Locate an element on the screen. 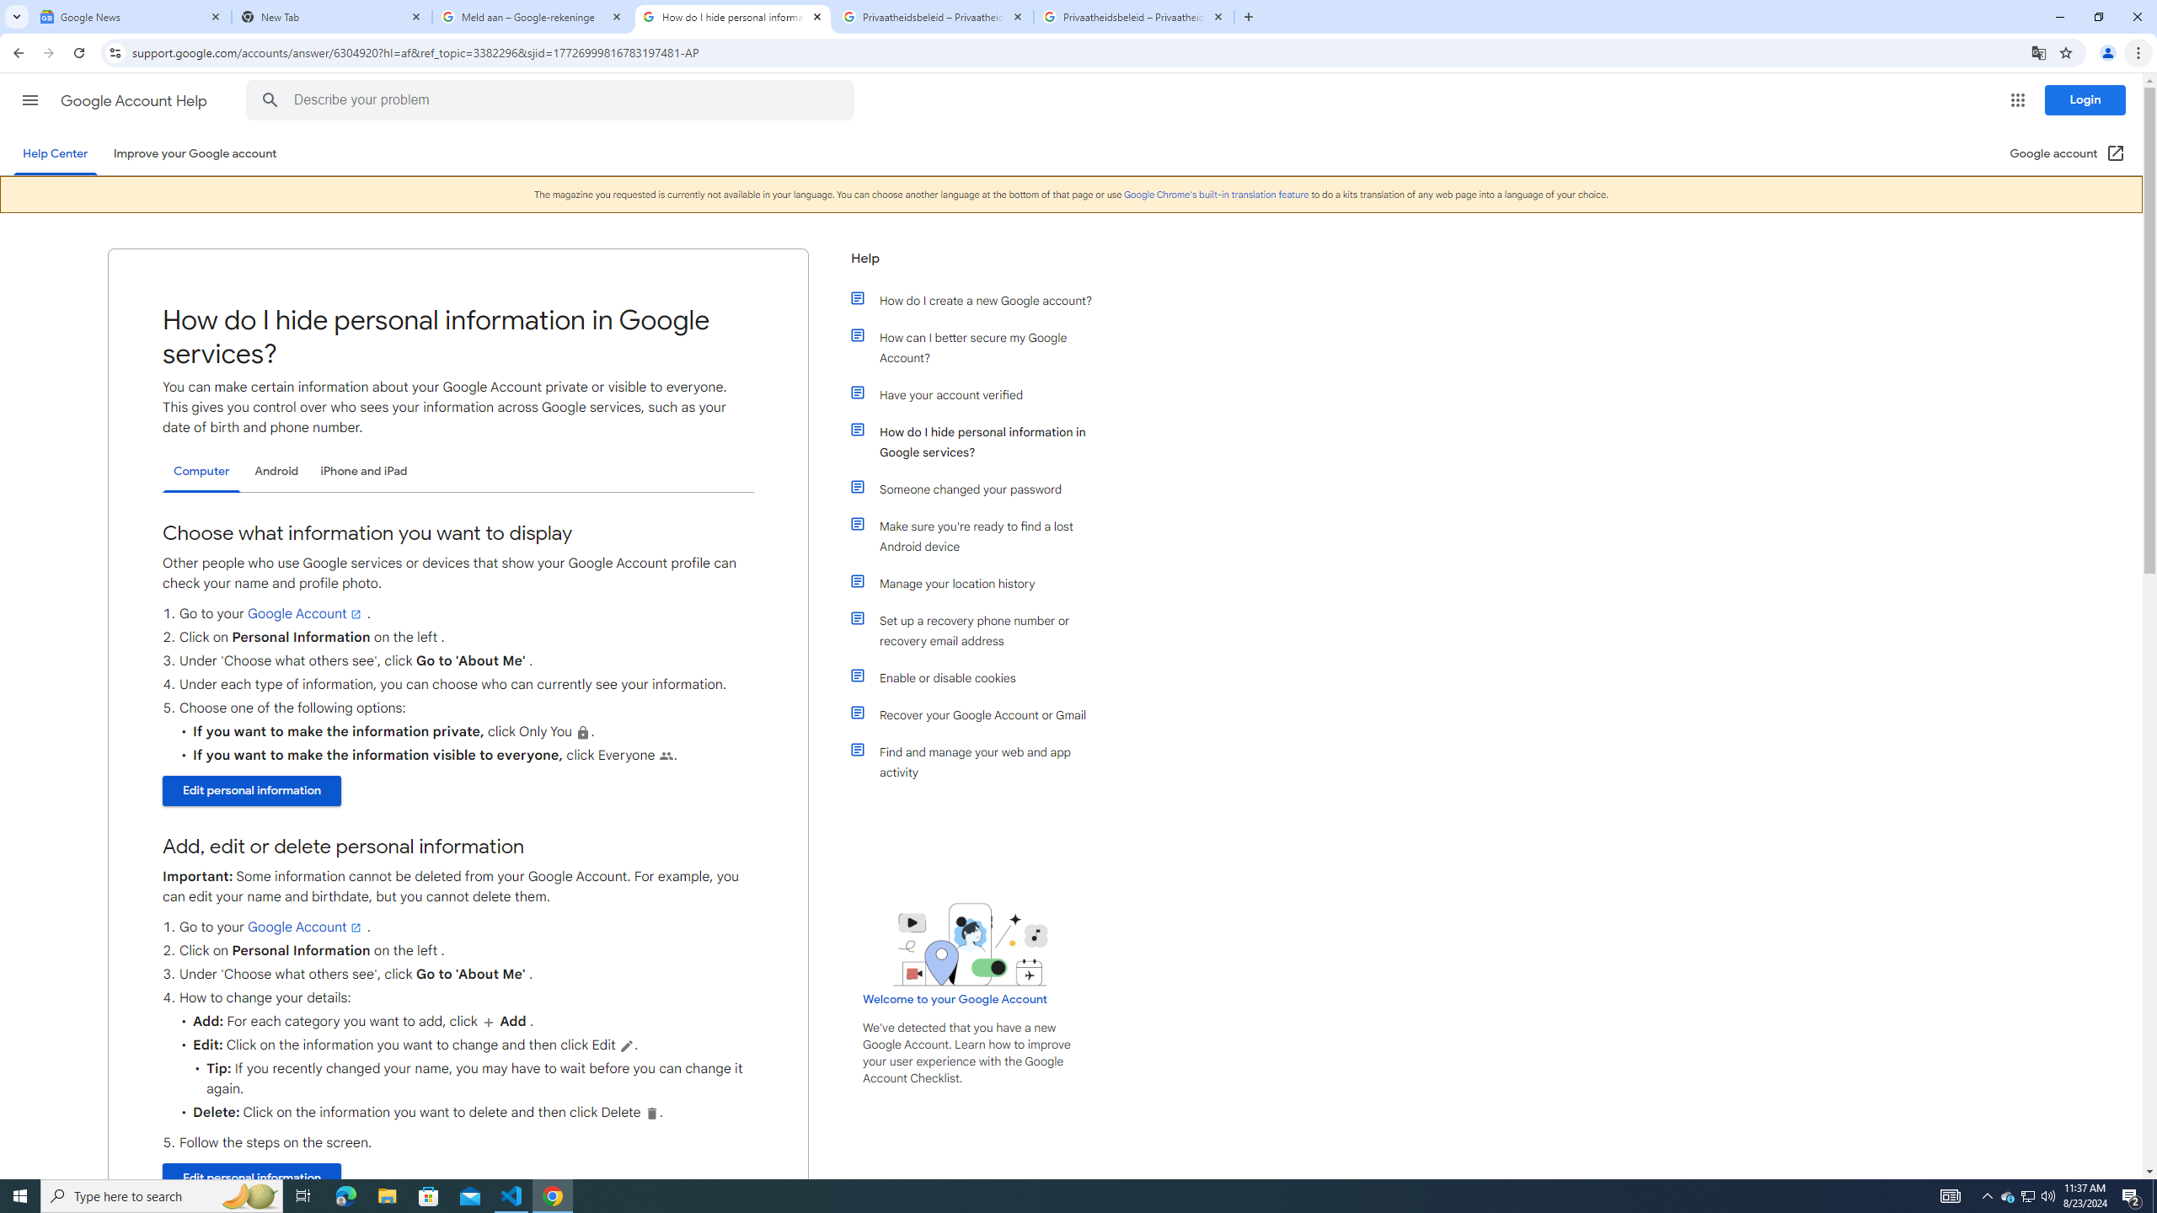 The image size is (2157, 1213). 'Set up a recovery phone number or recovery email address' is located at coordinates (979, 630).